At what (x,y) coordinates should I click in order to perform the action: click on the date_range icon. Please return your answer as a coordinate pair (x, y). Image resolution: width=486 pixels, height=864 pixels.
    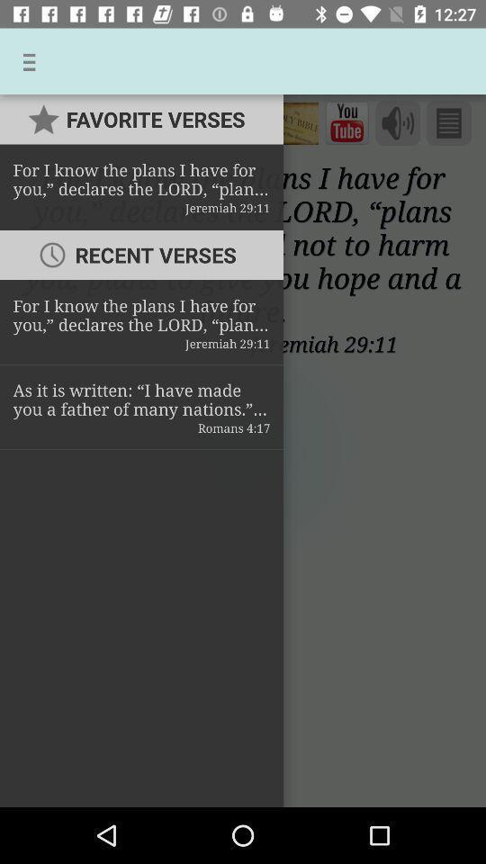
    Looking at the image, I should click on (346, 122).